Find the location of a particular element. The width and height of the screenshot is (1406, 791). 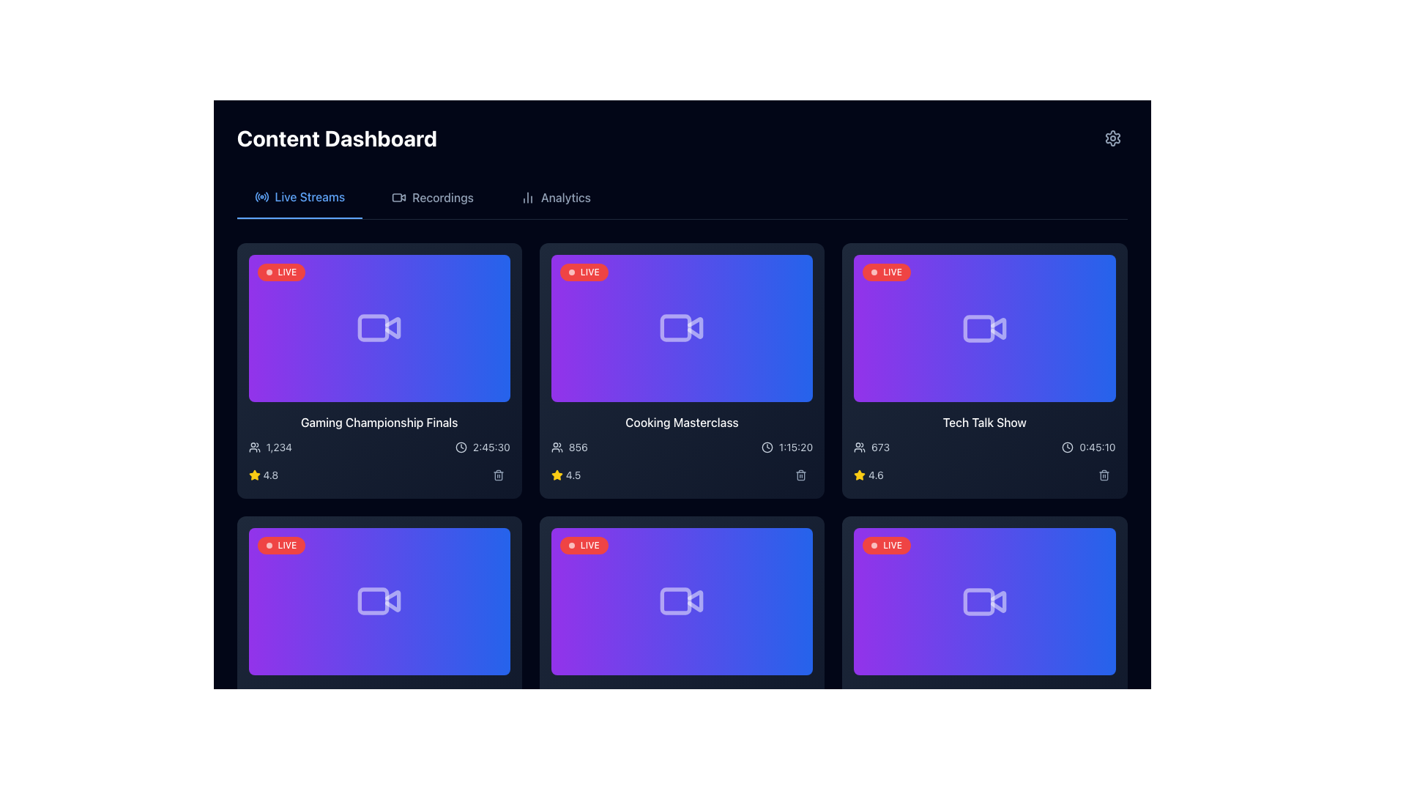

value displayed in the text label showing '856', which is positioned in the Cooking Masterclass section on the dashboard, adjacent to a user icon is located at coordinates (577, 446).